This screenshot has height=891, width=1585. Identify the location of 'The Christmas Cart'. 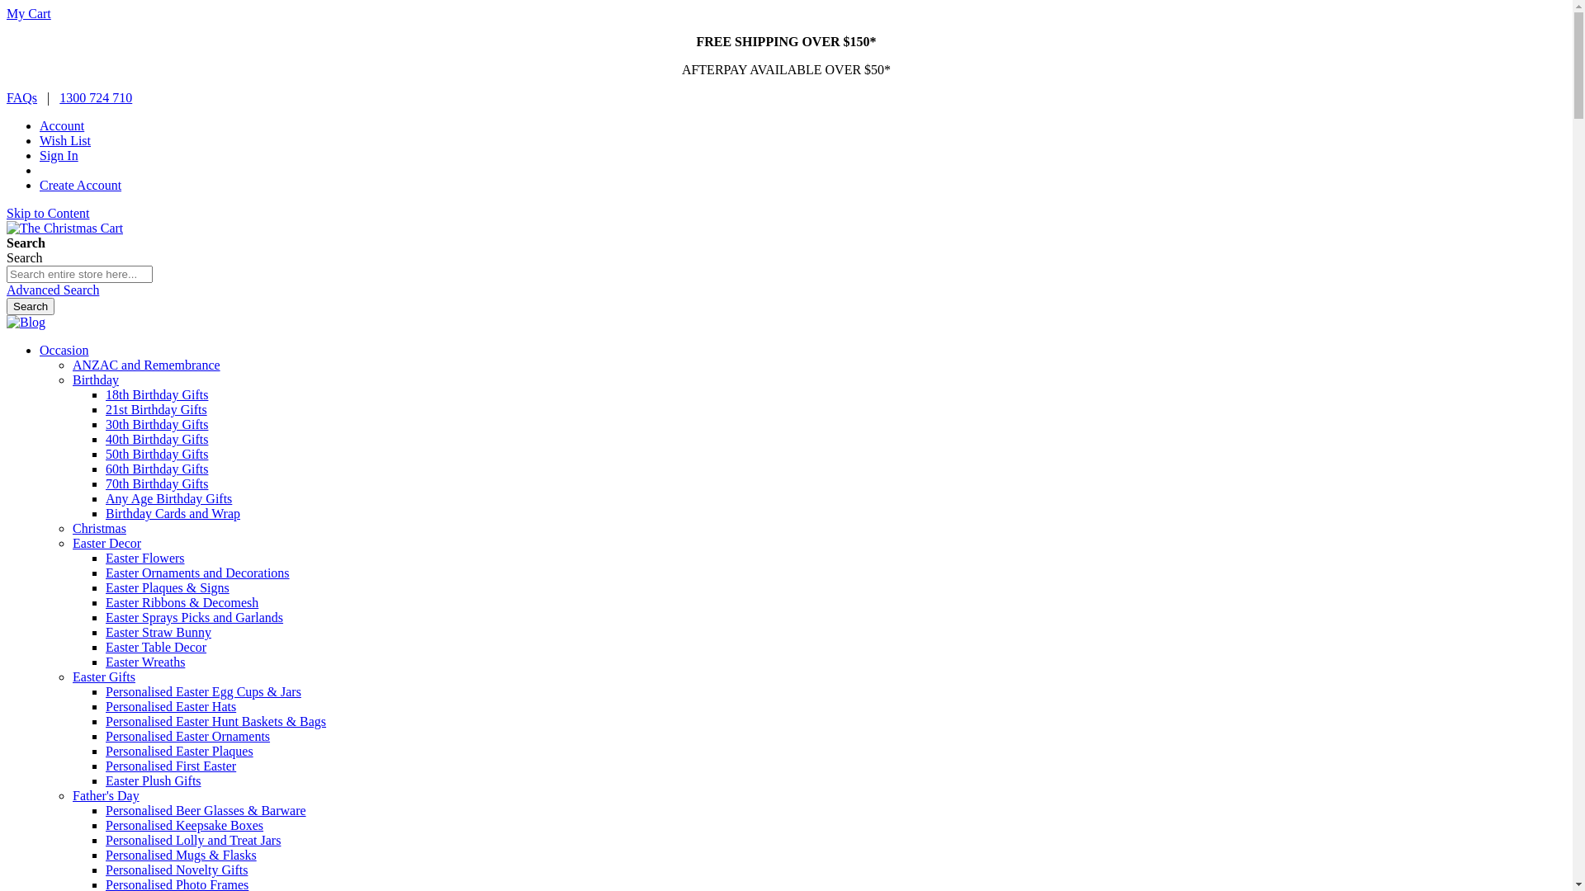
(7, 229).